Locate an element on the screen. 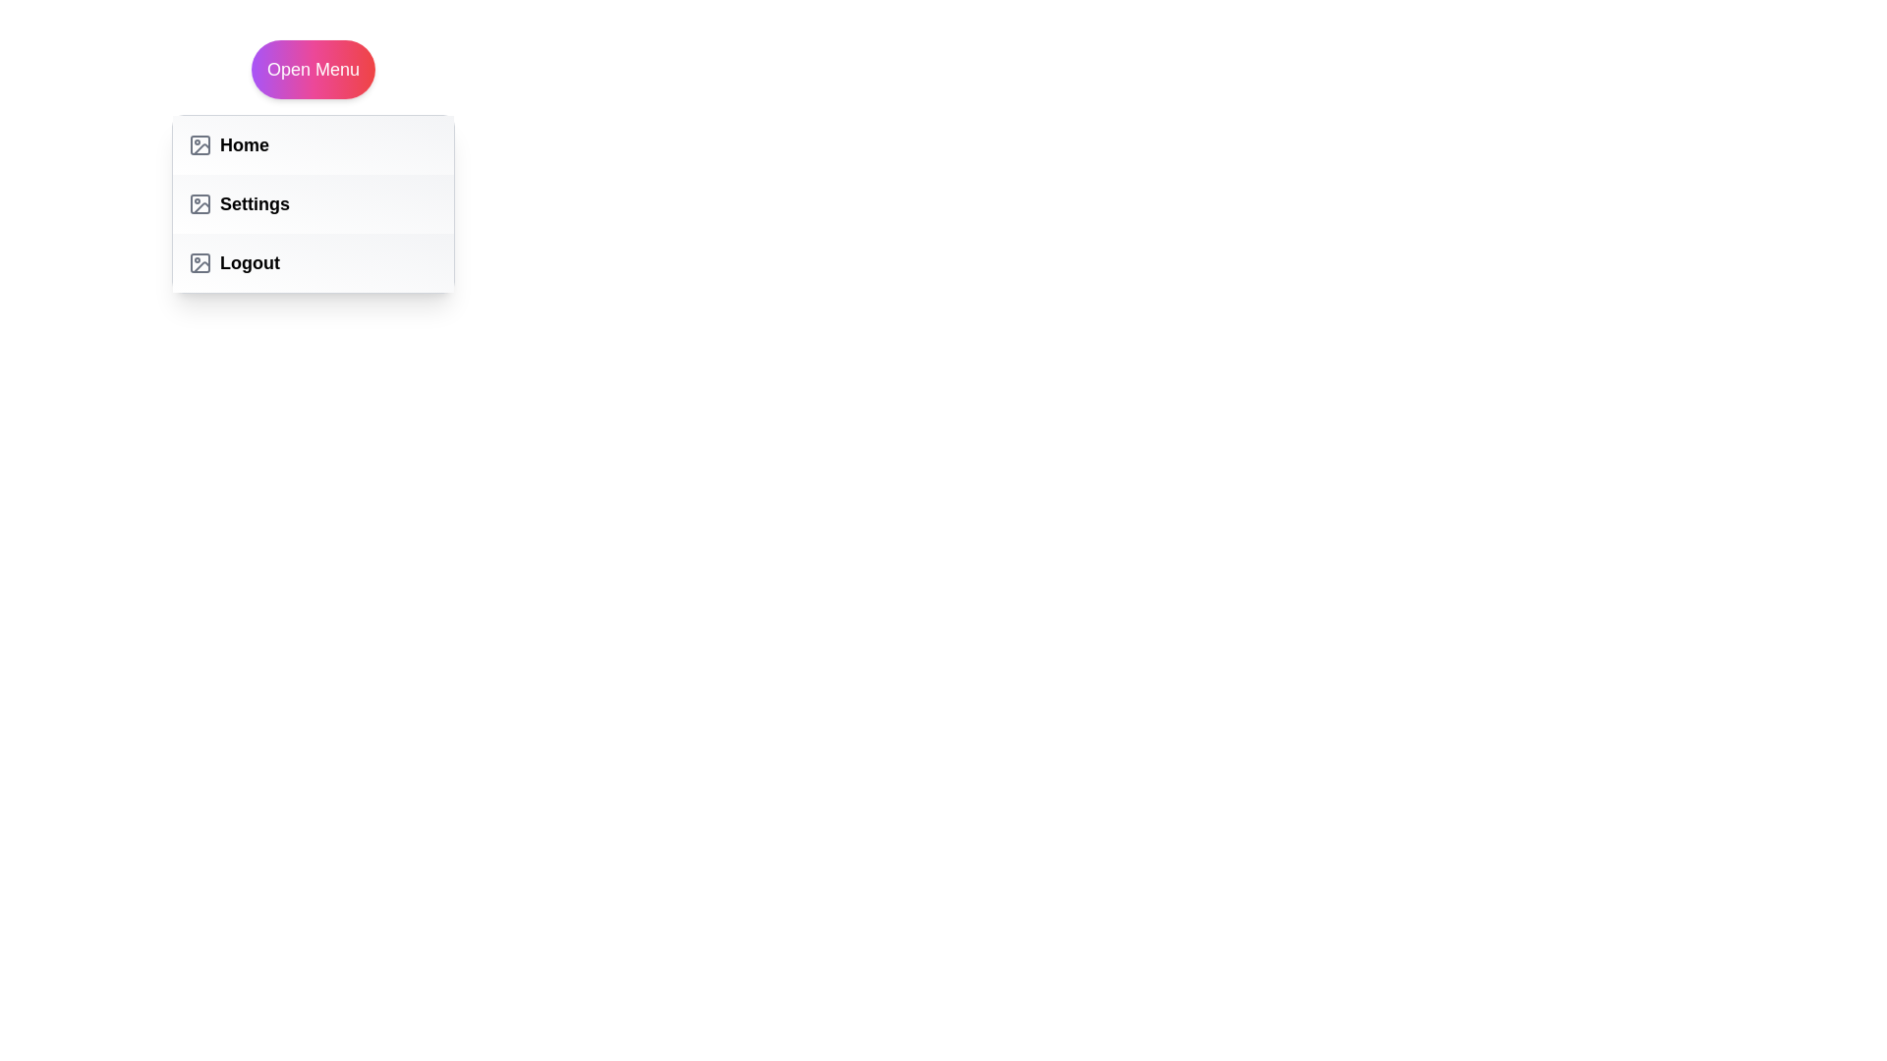 The width and height of the screenshot is (1887, 1061). the menu item Home by clicking on it is located at coordinates (312, 143).